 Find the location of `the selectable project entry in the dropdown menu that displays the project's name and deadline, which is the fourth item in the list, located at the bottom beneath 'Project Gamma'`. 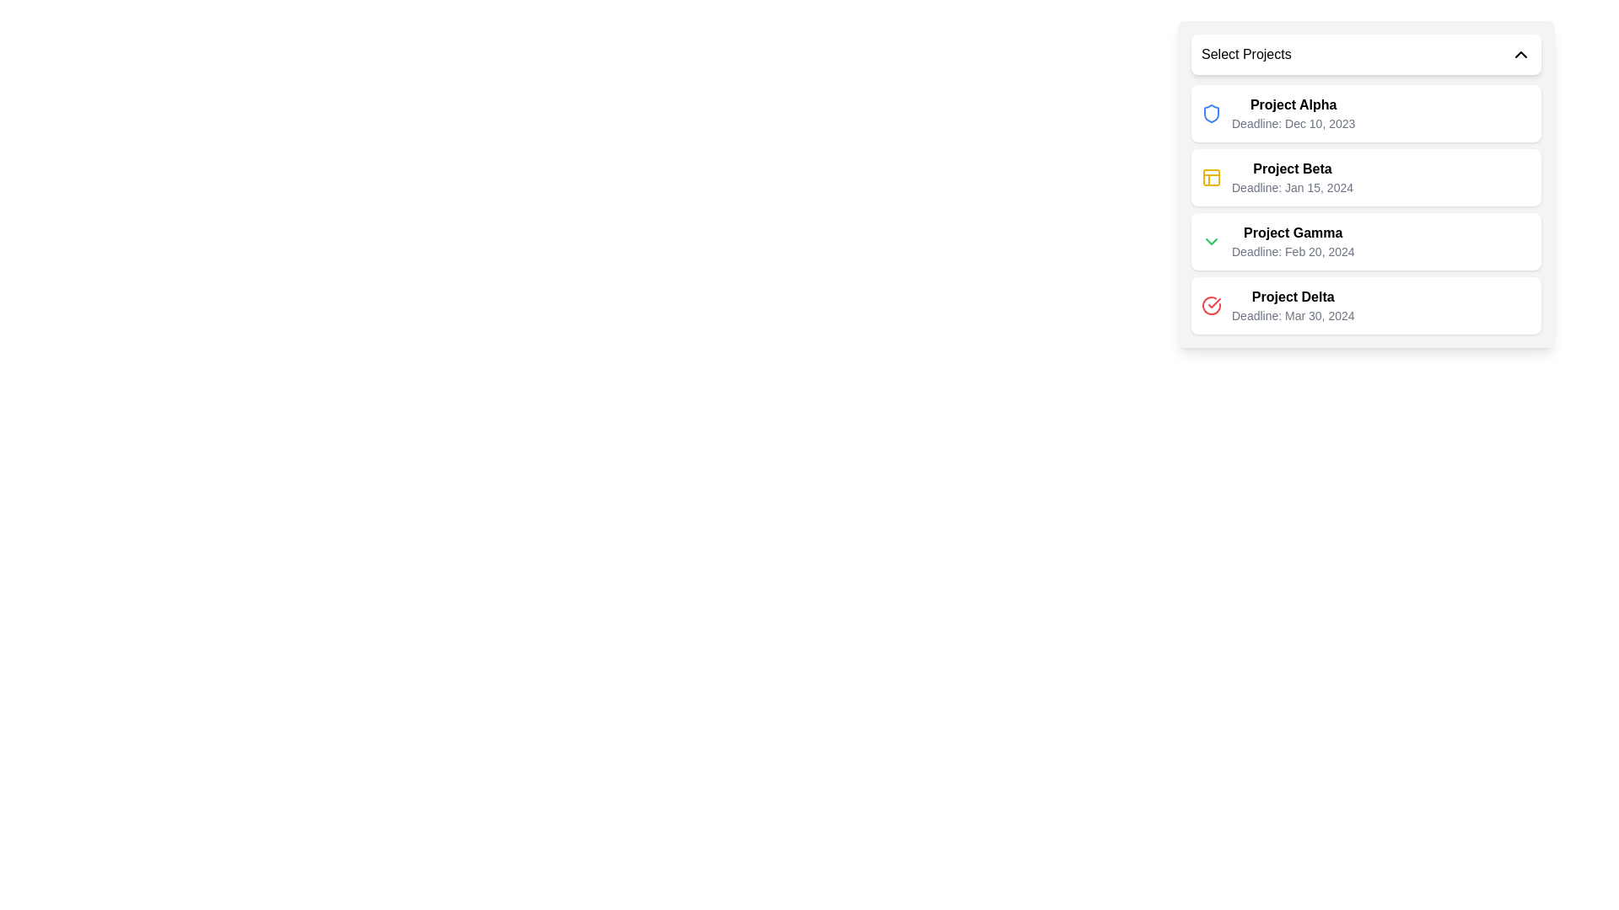

the selectable project entry in the dropdown menu that displays the project's name and deadline, which is the fourth item in the list, located at the bottom beneath 'Project Gamma' is located at coordinates (1292, 305).